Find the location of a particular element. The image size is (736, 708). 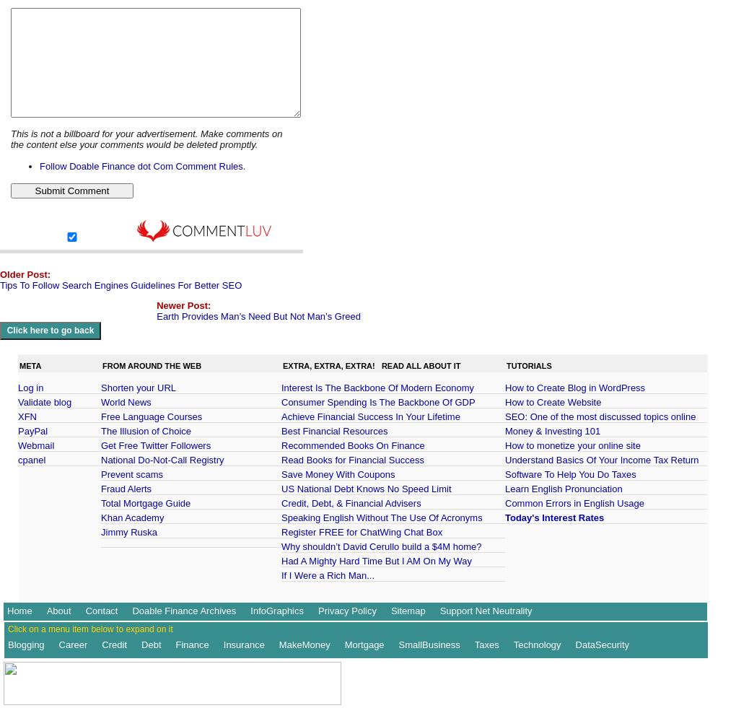

'Finance' is located at coordinates (191, 644).